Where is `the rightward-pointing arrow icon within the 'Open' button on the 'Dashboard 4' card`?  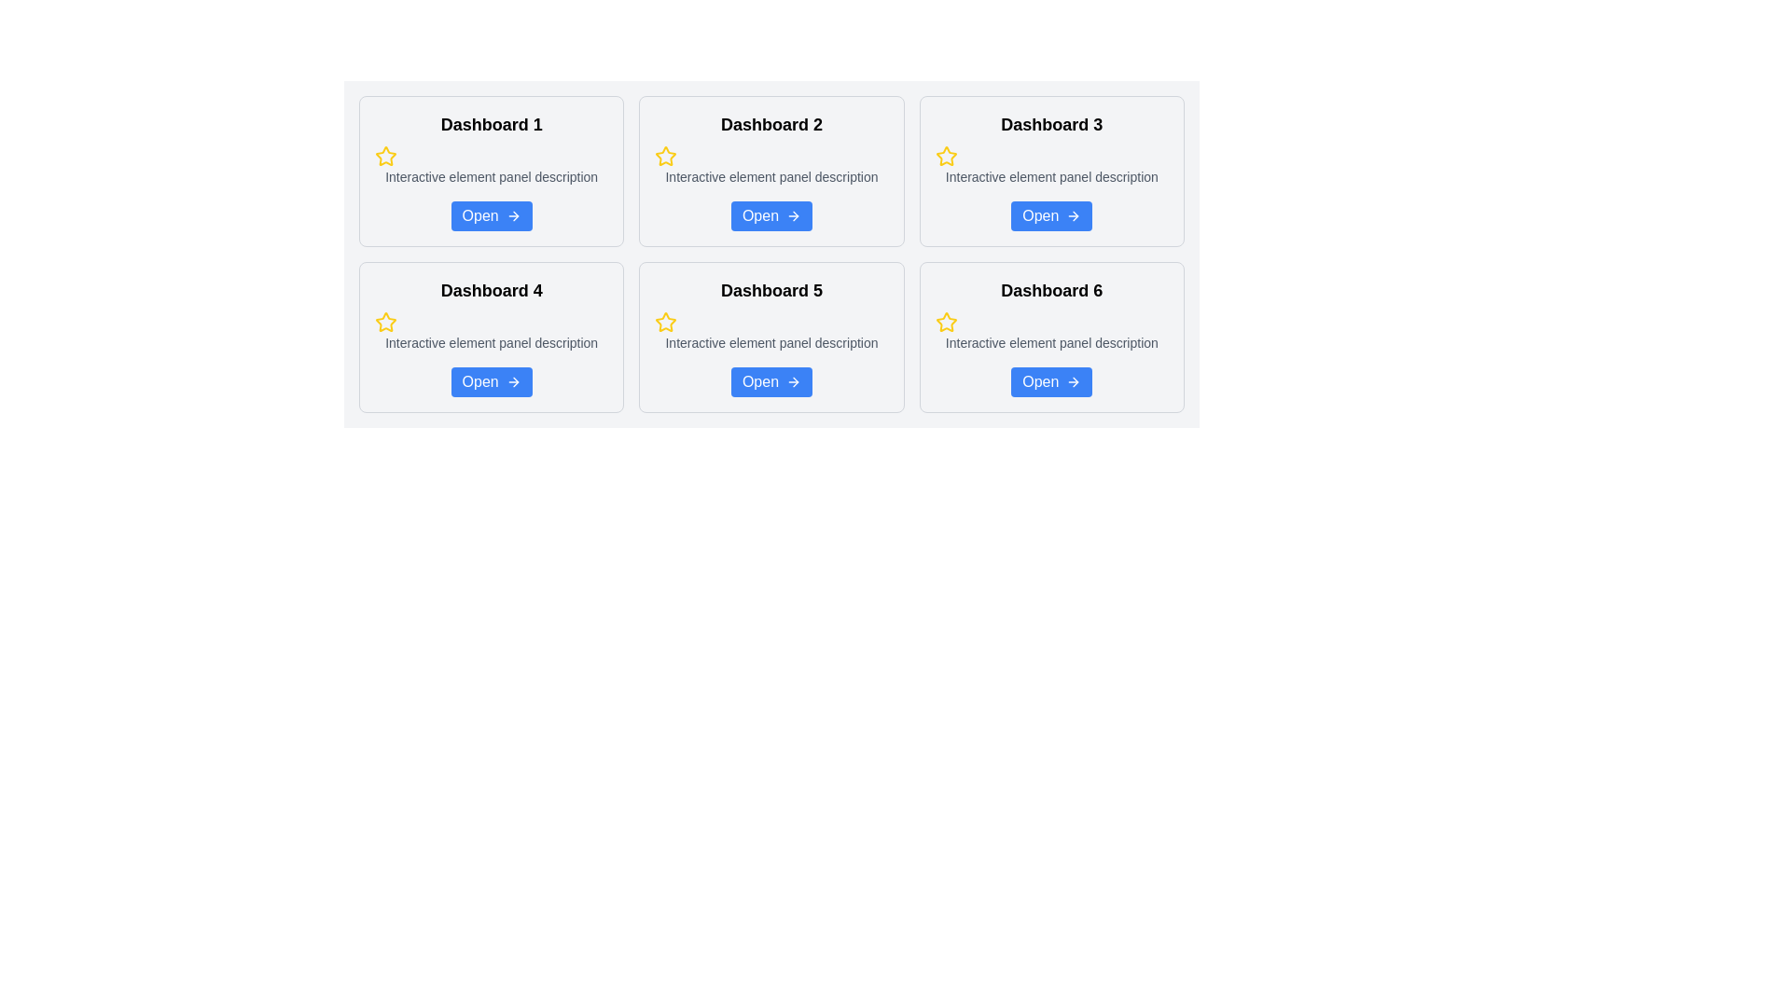
the rightward-pointing arrow icon within the 'Open' button on the 'Dashboard 4' card is located at coordinates (513, 380).